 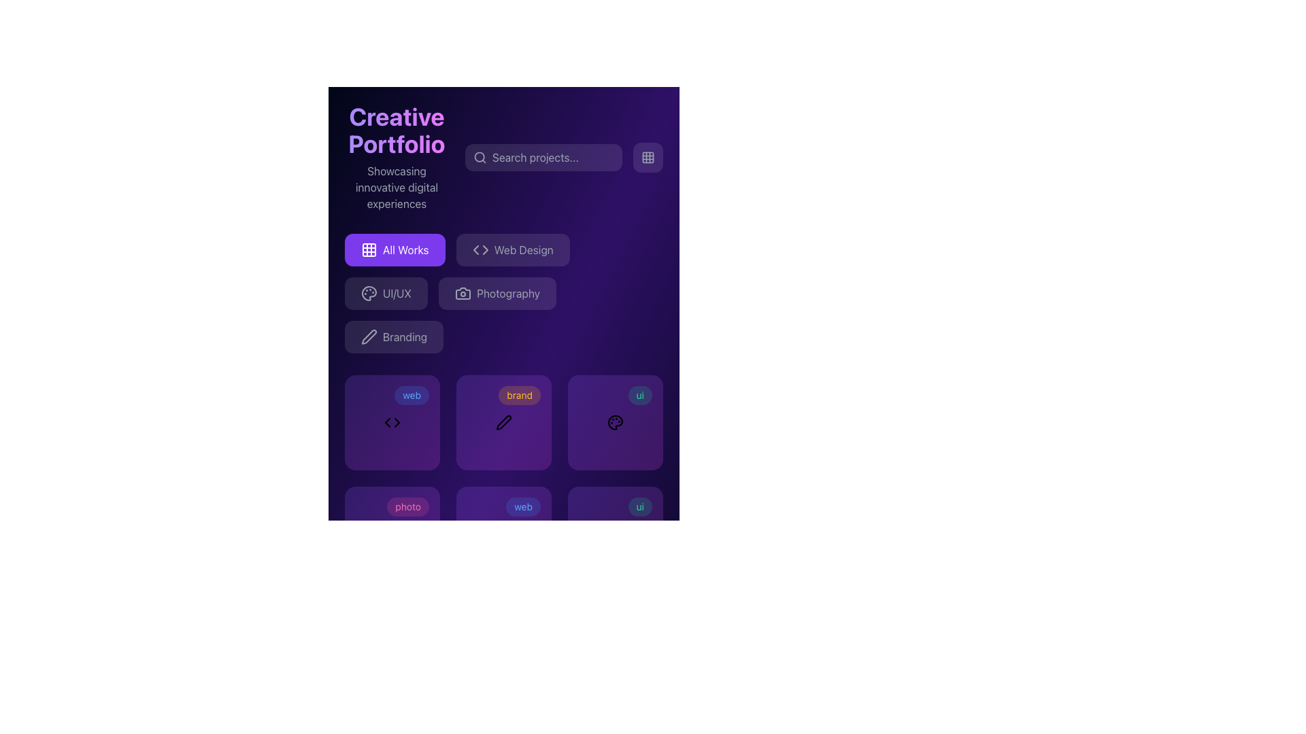 What do you see at coordinates (369, 249) in the screenshot?
I see `the grid icon, which is a square outline with a 3x3 grid pattern on a purple background, located within the 'All Works' button below the main heading` at bounding box center [369, 249].